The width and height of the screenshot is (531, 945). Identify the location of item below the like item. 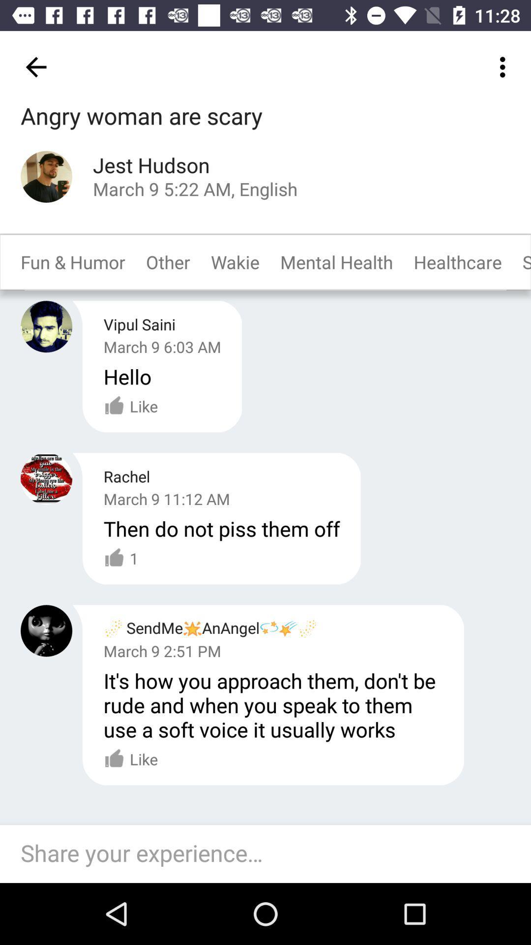
(270, 853).